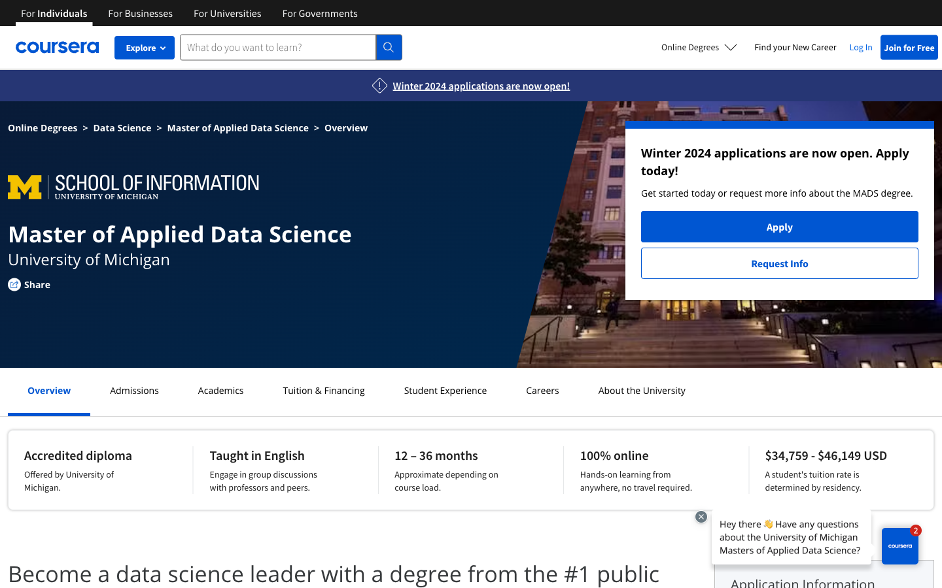 Image resolution: width=942 pixels, height=588 pixels. What do you see at coordinates (122, 127) in the screenshot?
I see `University of Michigan"s Data Science Master"s Degree Course page` at bounding box center [122, 127].